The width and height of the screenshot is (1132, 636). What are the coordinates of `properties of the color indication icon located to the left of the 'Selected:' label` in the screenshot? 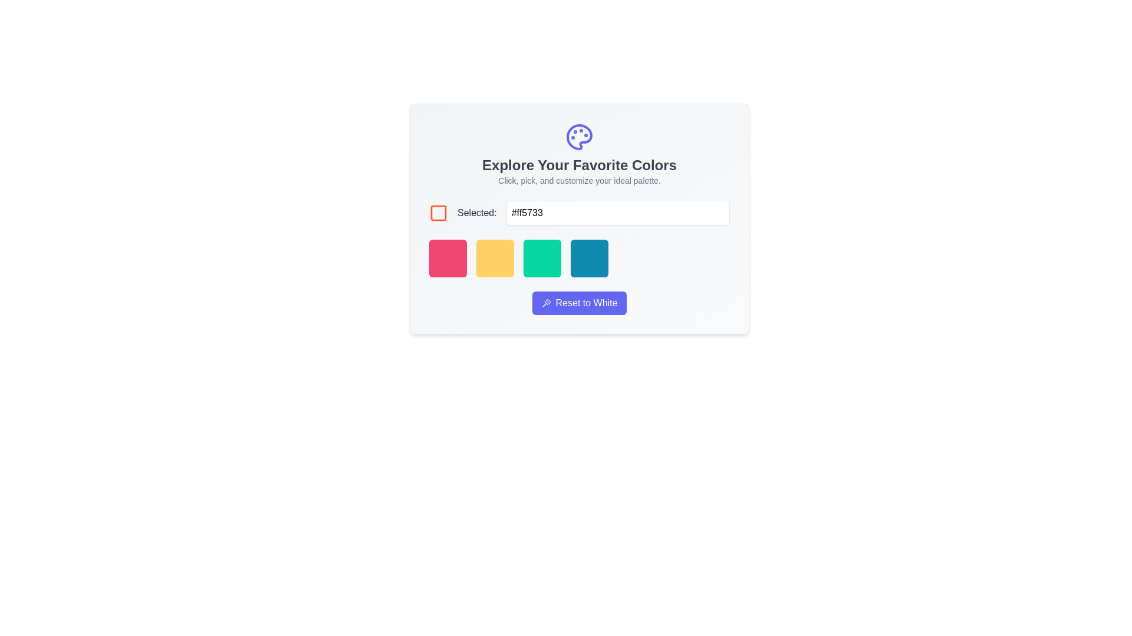 It's located at (438, 213).